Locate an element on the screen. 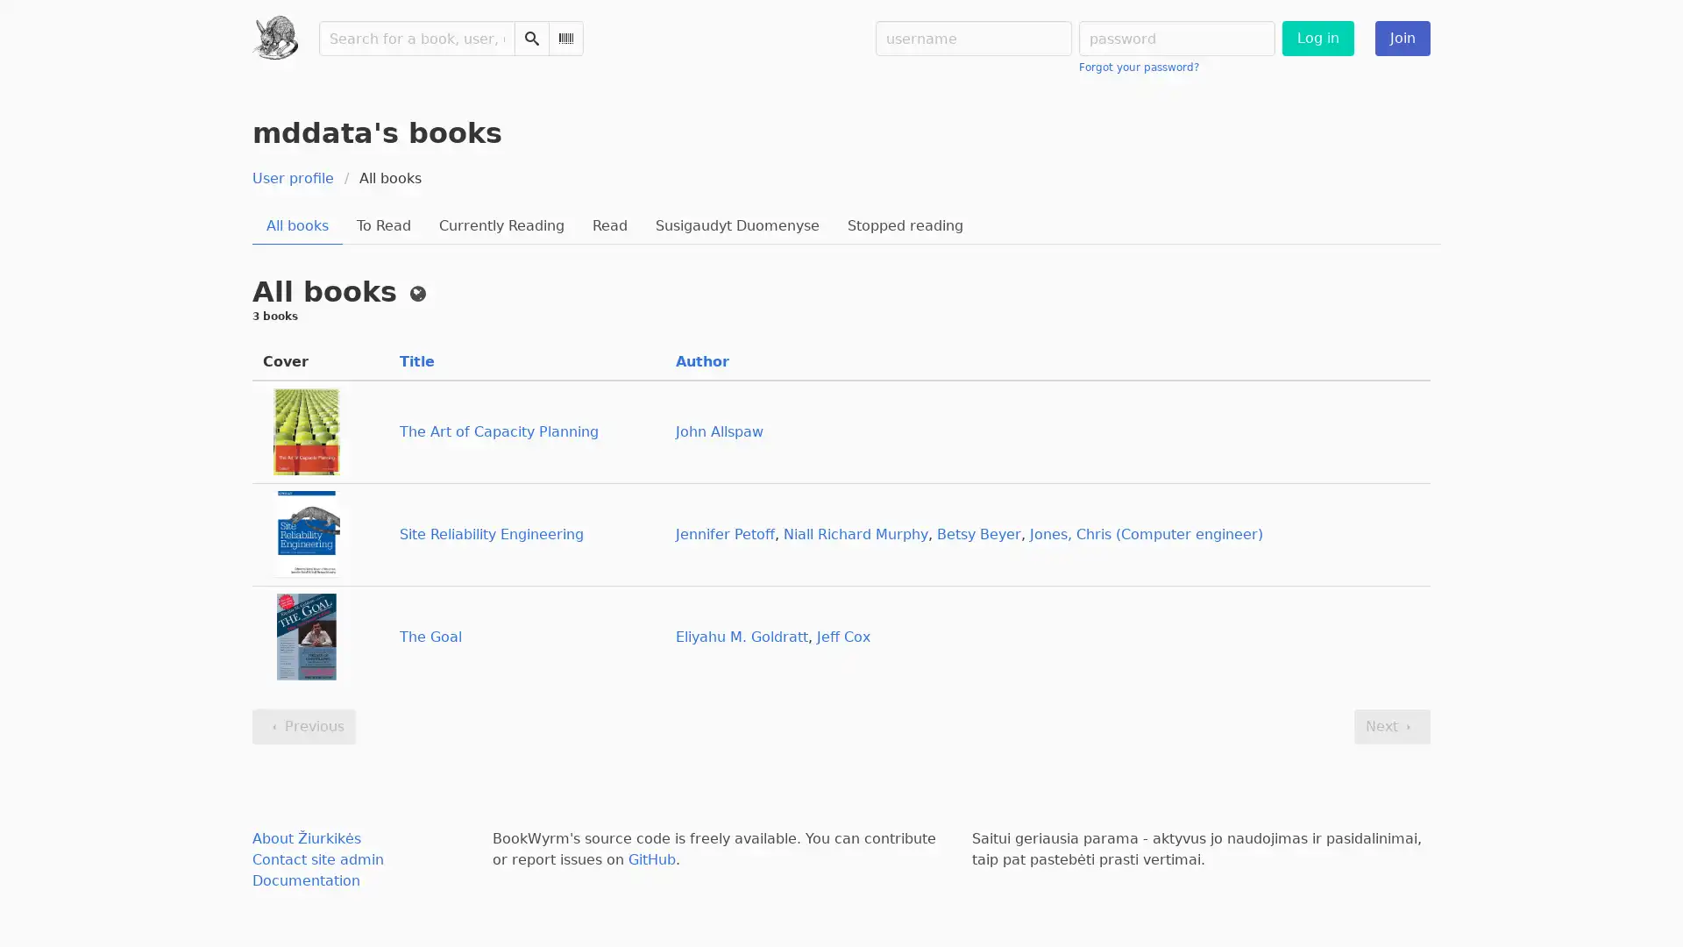 The width and height of the screenshot is (1683, 947). Scan Barcode is located at coordinates (565, 38).